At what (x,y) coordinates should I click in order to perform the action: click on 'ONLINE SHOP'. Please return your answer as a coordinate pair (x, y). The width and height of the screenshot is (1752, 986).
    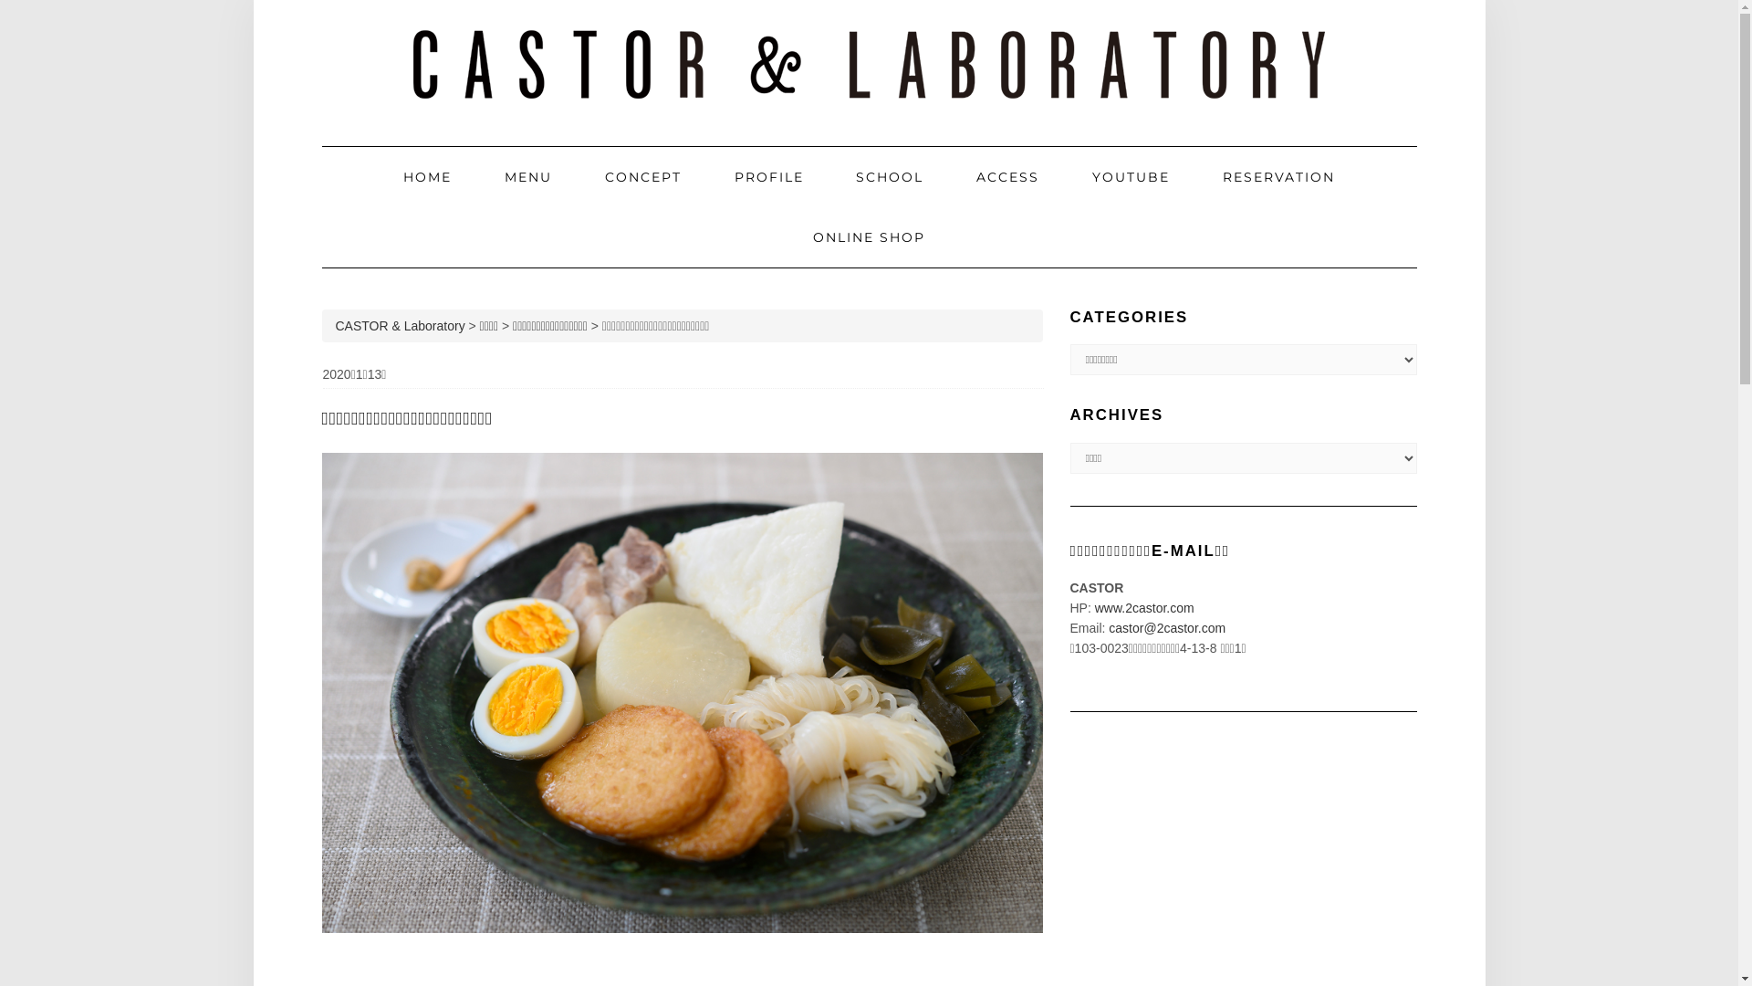
    Looking at the image, I should click on (868, 236).